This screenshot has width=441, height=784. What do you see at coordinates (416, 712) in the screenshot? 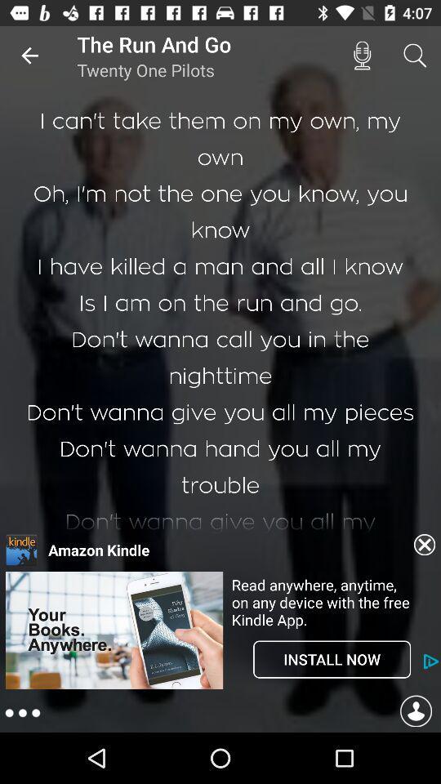
I see `takes you to your profile` at bounding box center [416, 712].